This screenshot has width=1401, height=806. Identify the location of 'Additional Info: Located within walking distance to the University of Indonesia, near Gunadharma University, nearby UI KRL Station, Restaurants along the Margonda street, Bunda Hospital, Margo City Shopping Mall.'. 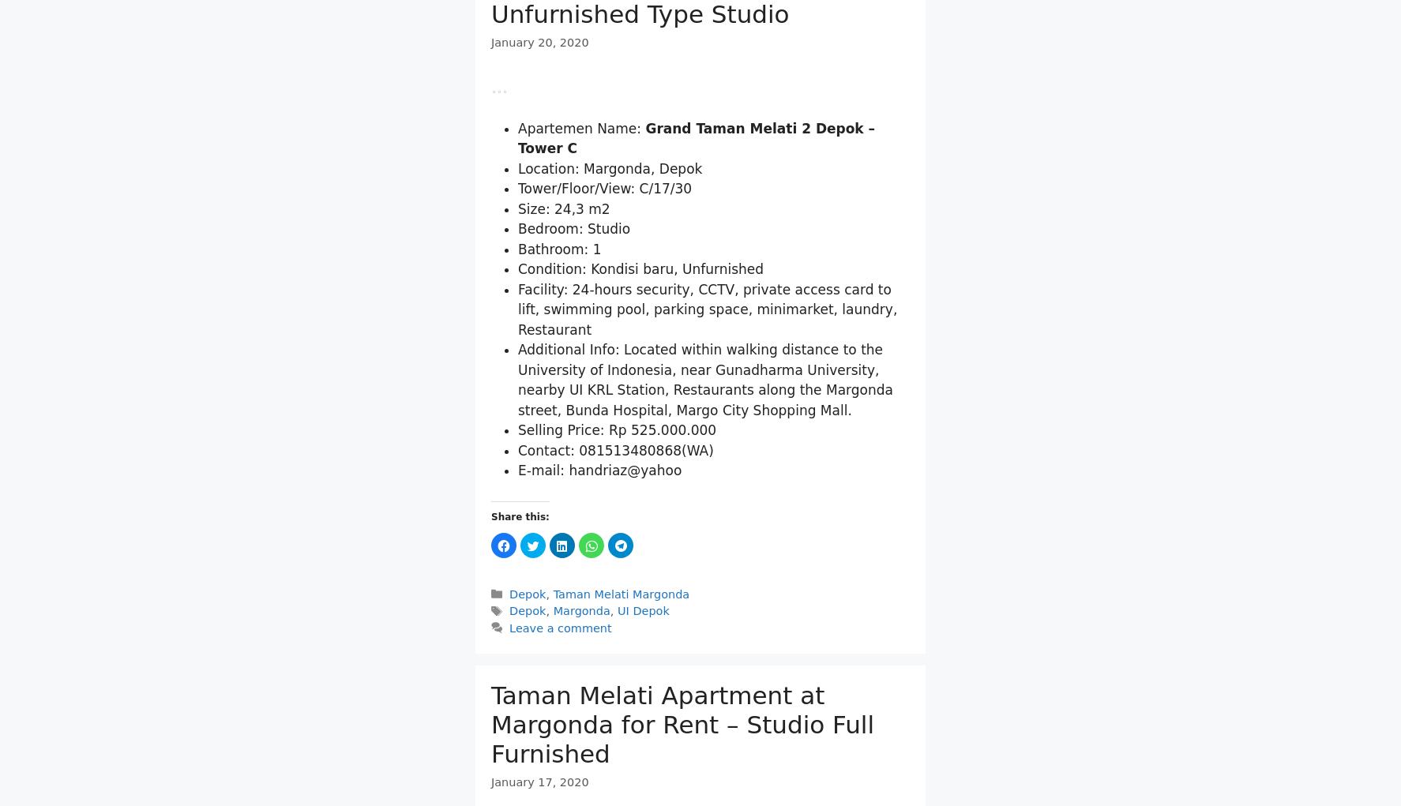
(704, 461).